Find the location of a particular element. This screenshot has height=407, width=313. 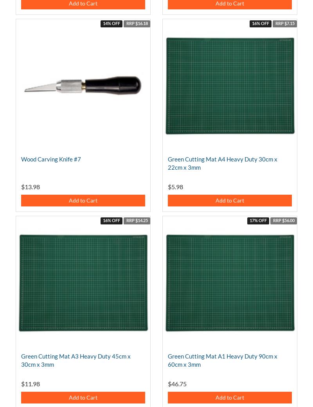

'RRP $7.15' is located at coordinates (284, 23).